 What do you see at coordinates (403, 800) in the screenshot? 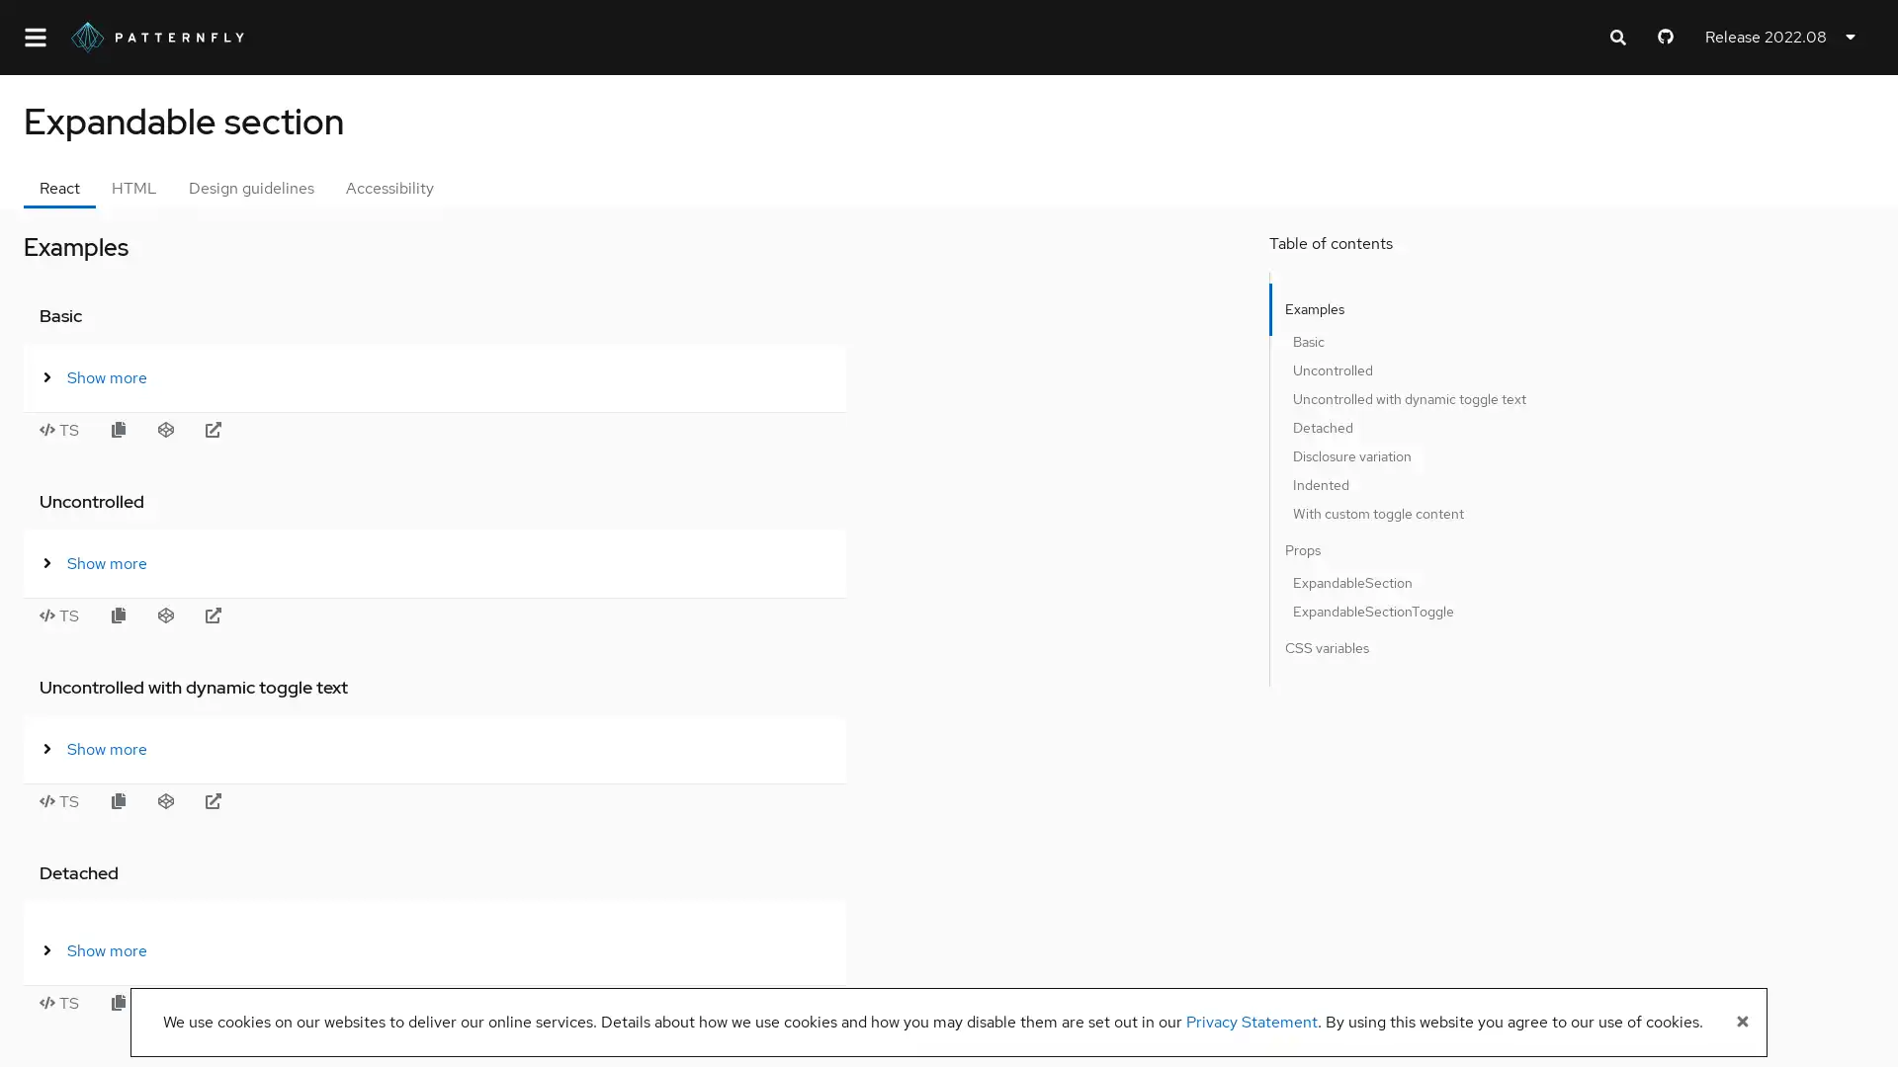
I see `Copy Uncontrolled with dynamic toggle text example code to clipboard` at bounding box center [403, 800].